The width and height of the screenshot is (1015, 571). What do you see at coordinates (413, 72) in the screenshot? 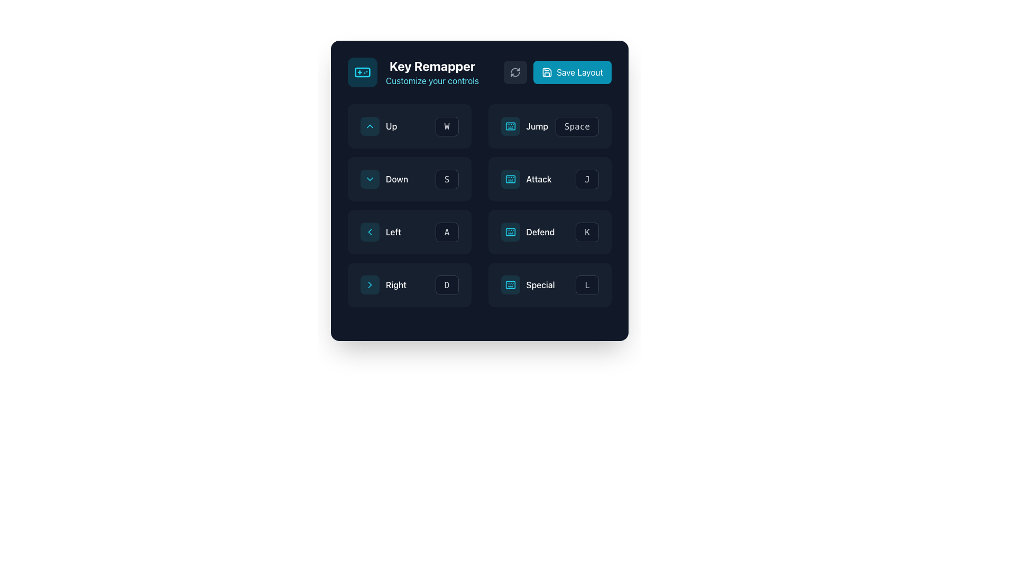
I see `text of the header element, which includes a bold title and a subtitle for context, located at the top-left quadrant of the interface` at bounding box center [413, 72].